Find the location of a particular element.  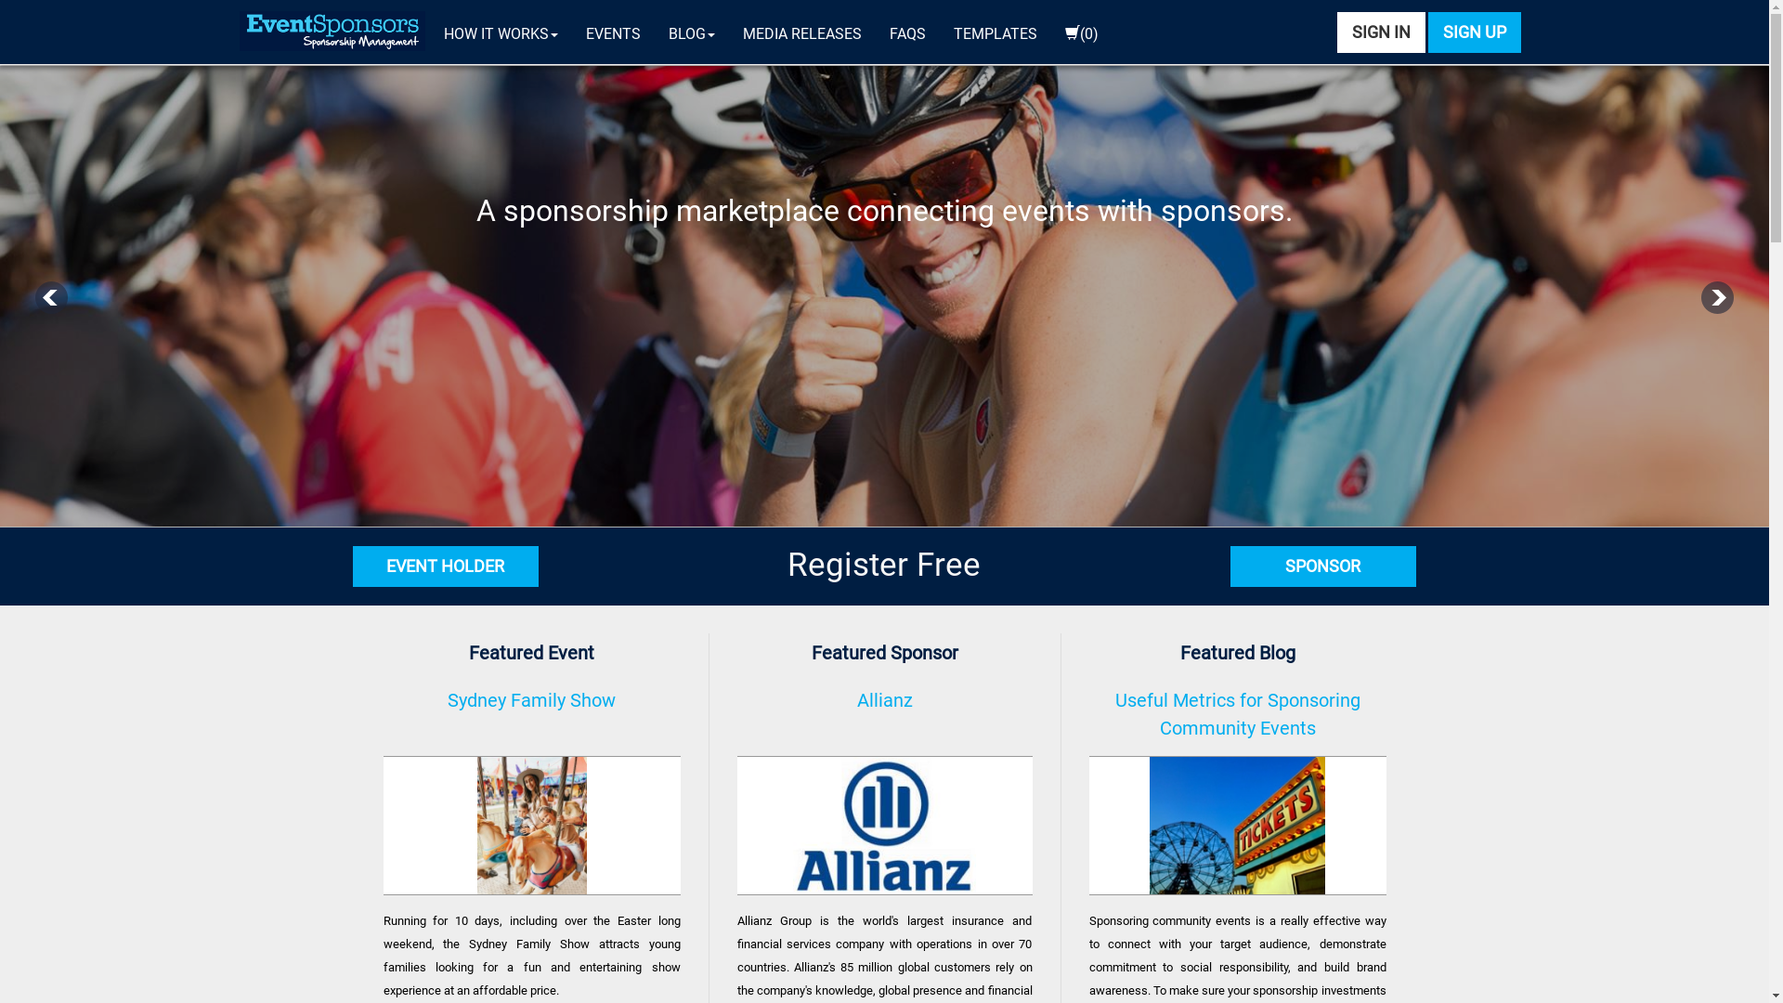

'MEDIA RELEASES' is located at coordinates (801, 34).